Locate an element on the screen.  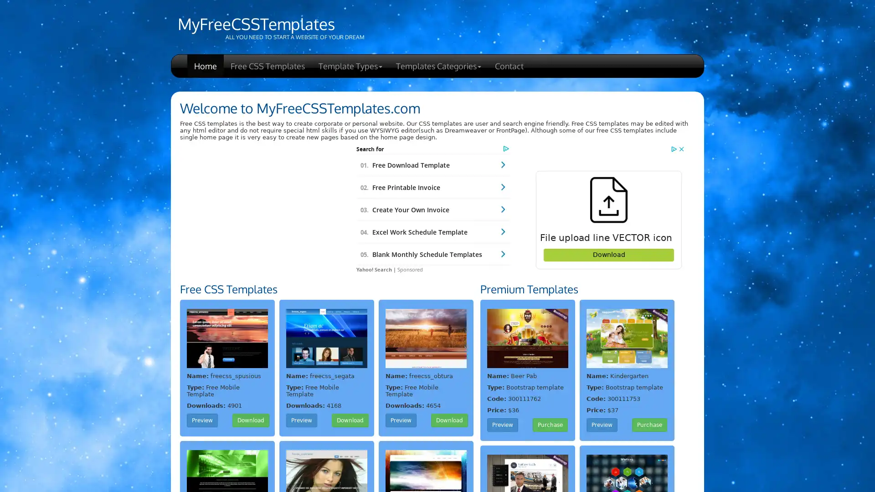
Preview is located at coordinates (202, 420).